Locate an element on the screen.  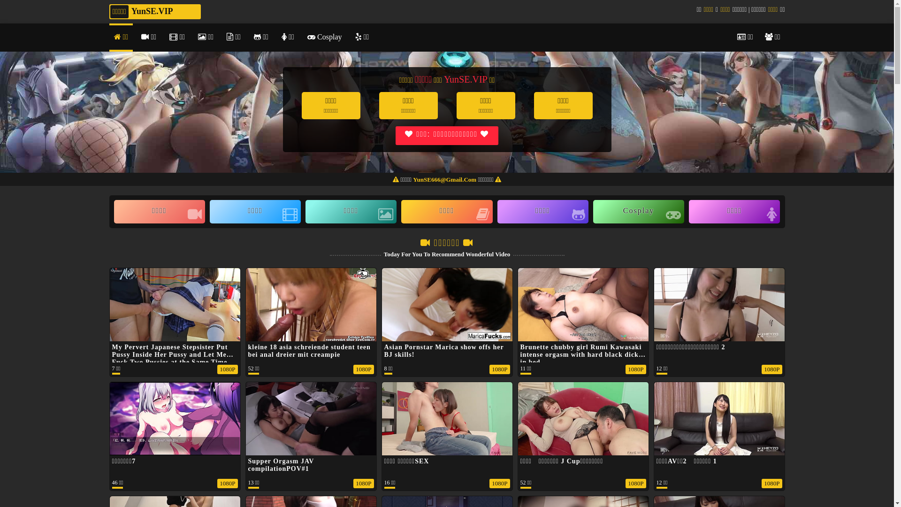
'Supper Orgasm JAV compilationPOV#1' is located at coordinates (311, 453).